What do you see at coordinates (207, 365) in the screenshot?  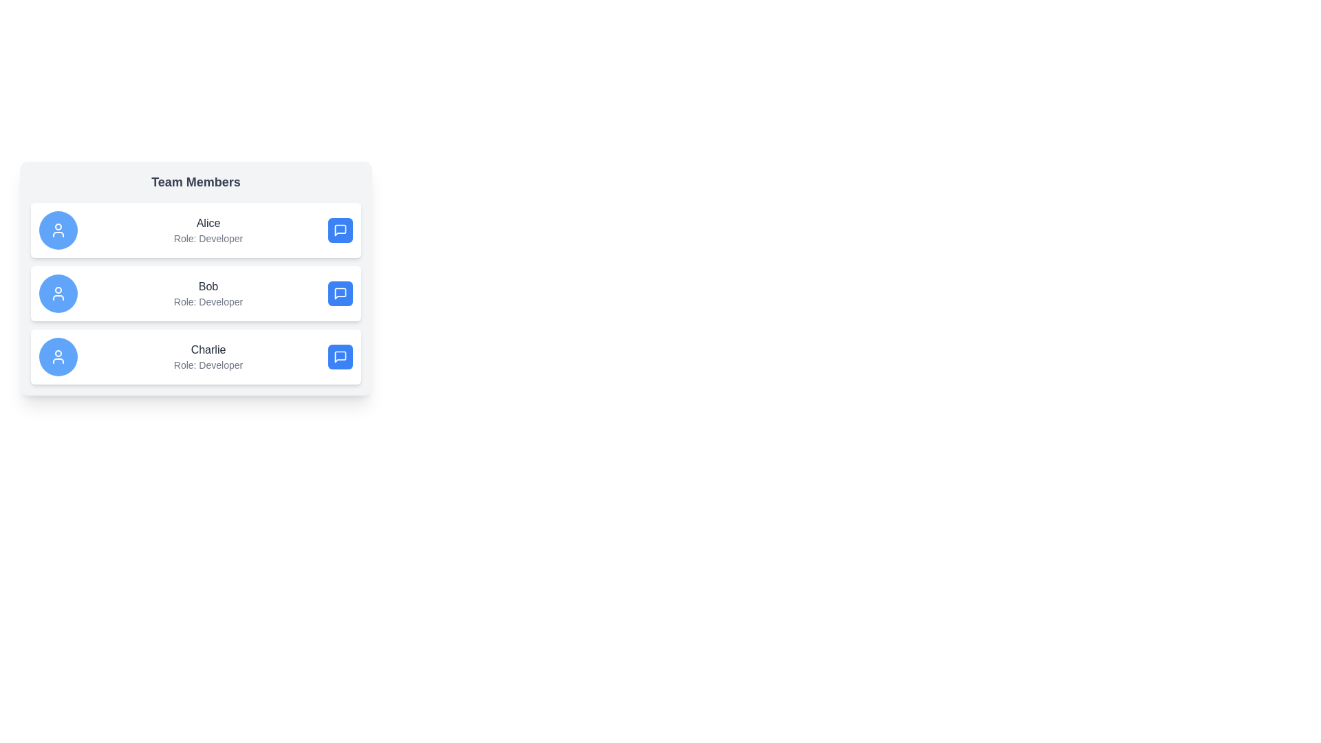 I see `the content of the Text Label element that displays 'Role: Developer' under the 'Charlie' entry in the 'Team Members' list` at bounding box center [207, 365].